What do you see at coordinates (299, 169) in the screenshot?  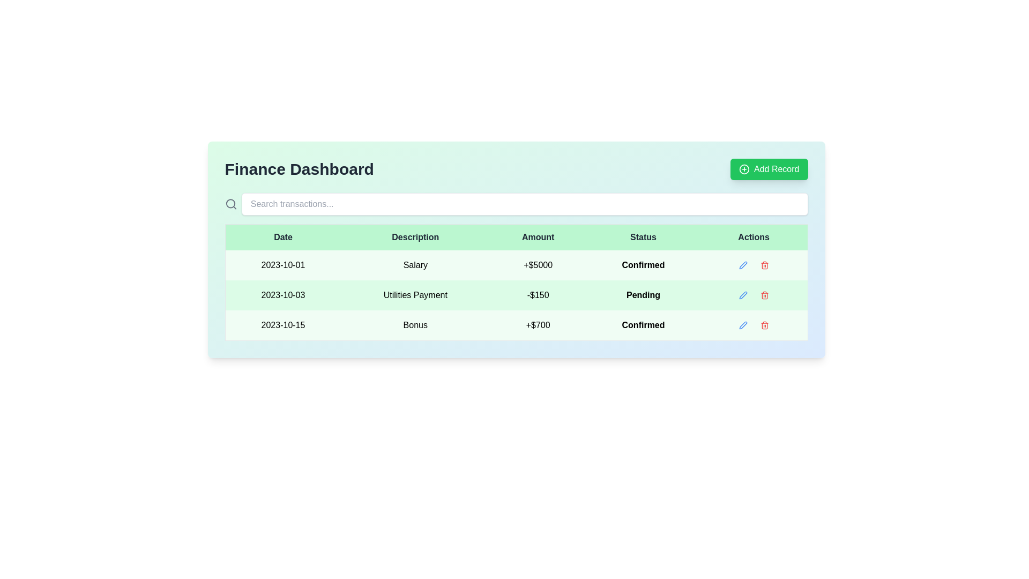 I see `bold title text 'Finance Dashboard' displayed prominently in a large, dark font against a light background` at bounding box center [299, 169].